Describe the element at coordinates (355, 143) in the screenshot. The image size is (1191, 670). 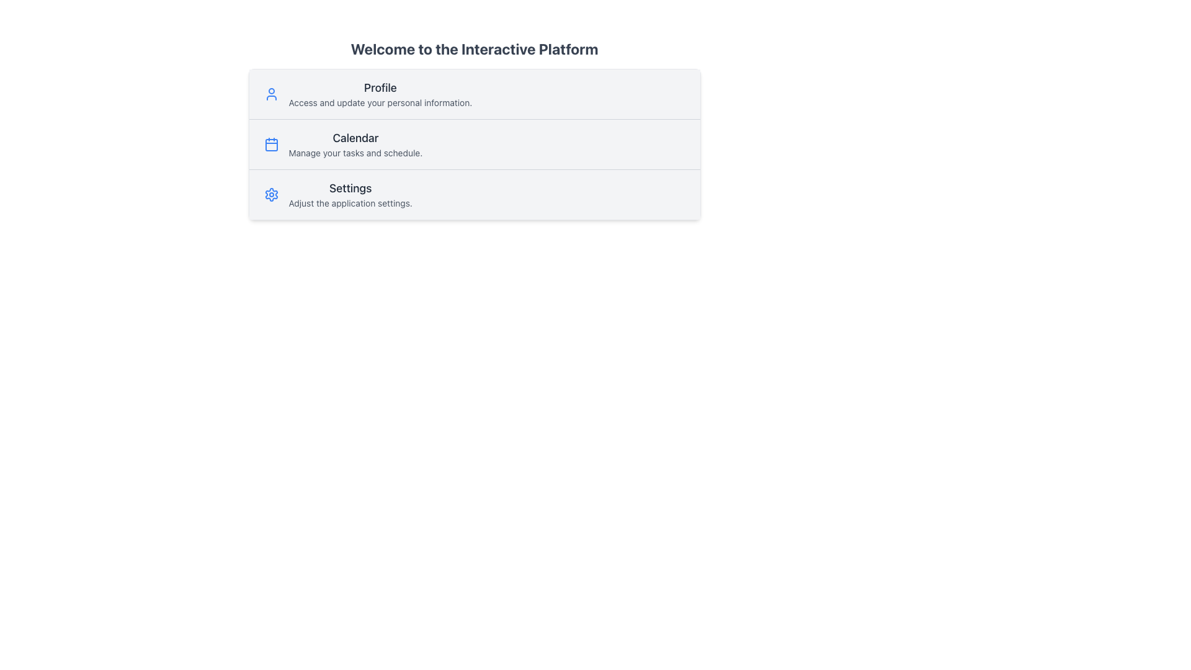
I see `the informational label guiding users to access the calendar feature, positioned as the second item in a vertical list beneath 'Profile' and above 'Settings'` at that location.